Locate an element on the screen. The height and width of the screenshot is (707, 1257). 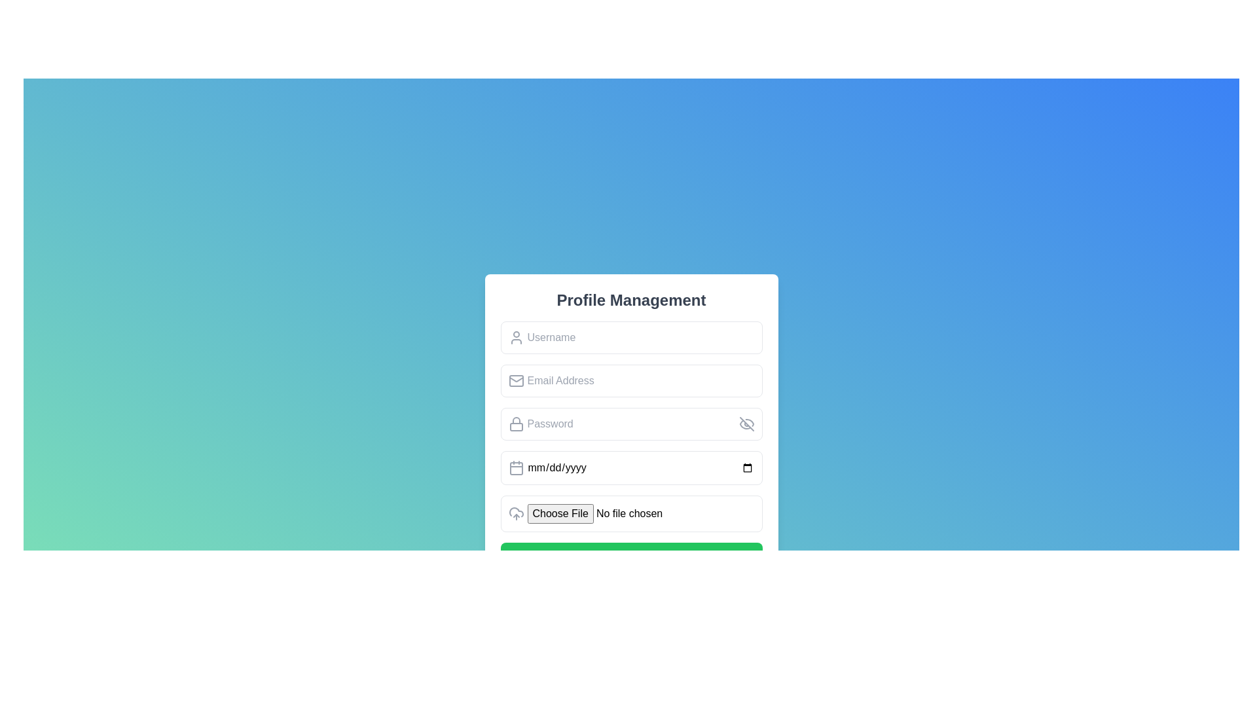
the calendar icon located inside the date entry input field, positioned to the left of the placeholder text 'mm/dd/yyyy' is located at coordinates (515, 468).